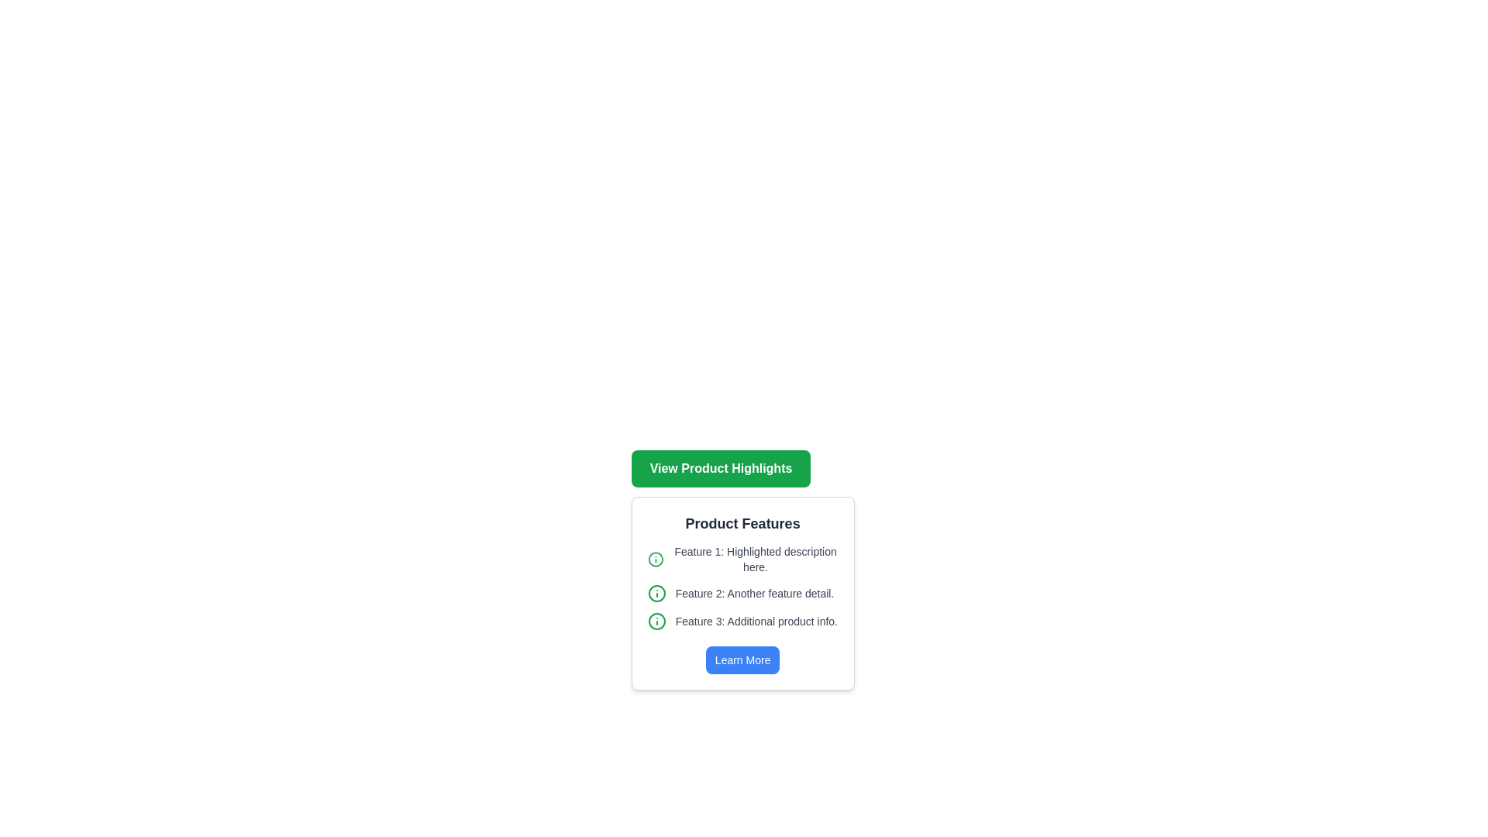 The width and height of the screenshot is (1488, 837). I want to click on the button located at the bottom of the 'Product Features' popup card to observe the hover effect, so click(742, 660).